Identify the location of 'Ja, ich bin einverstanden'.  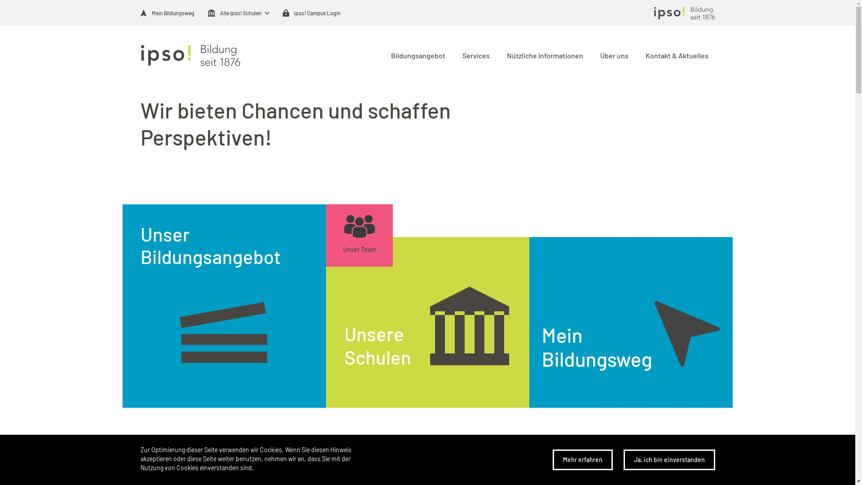
(668, 459).